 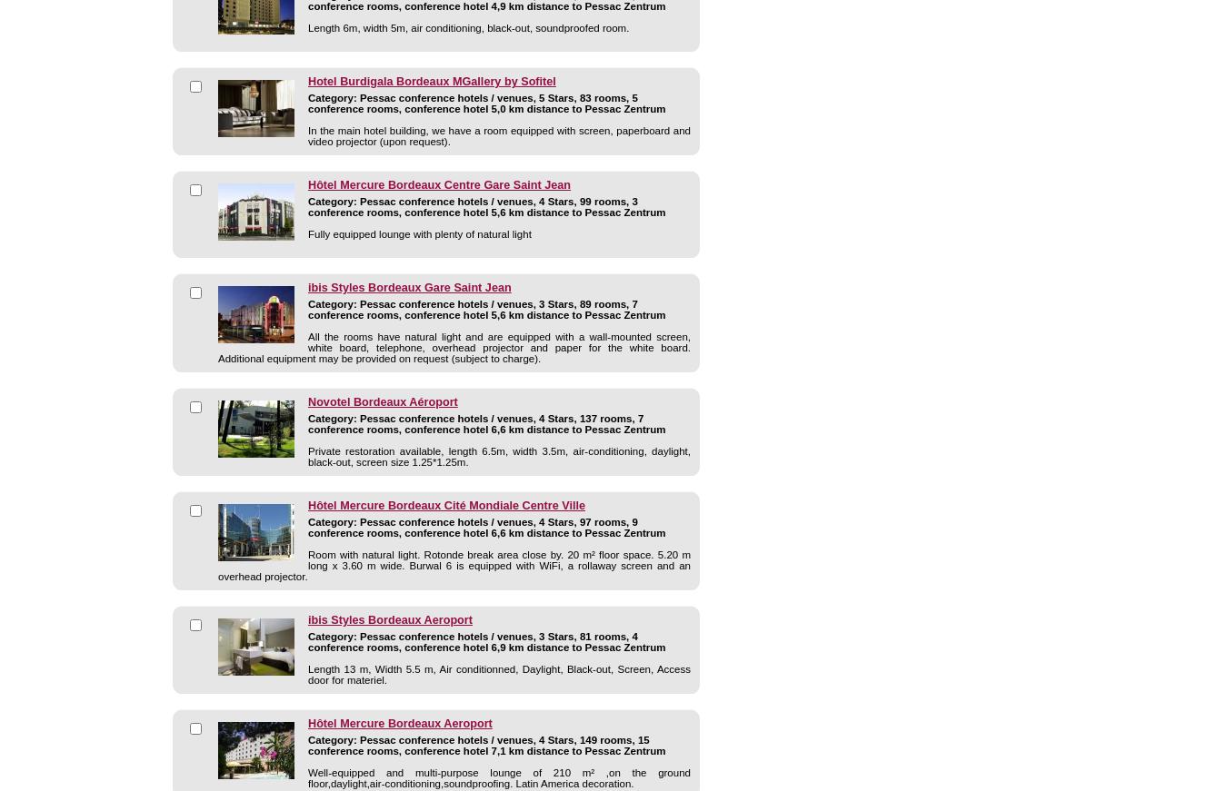 What do you see at coordinates (307, 80) in the screenshot?
I see `'Hotel Burdigala Bordeaux MGallery by Sofitel'` at bounding box center [307, 80].